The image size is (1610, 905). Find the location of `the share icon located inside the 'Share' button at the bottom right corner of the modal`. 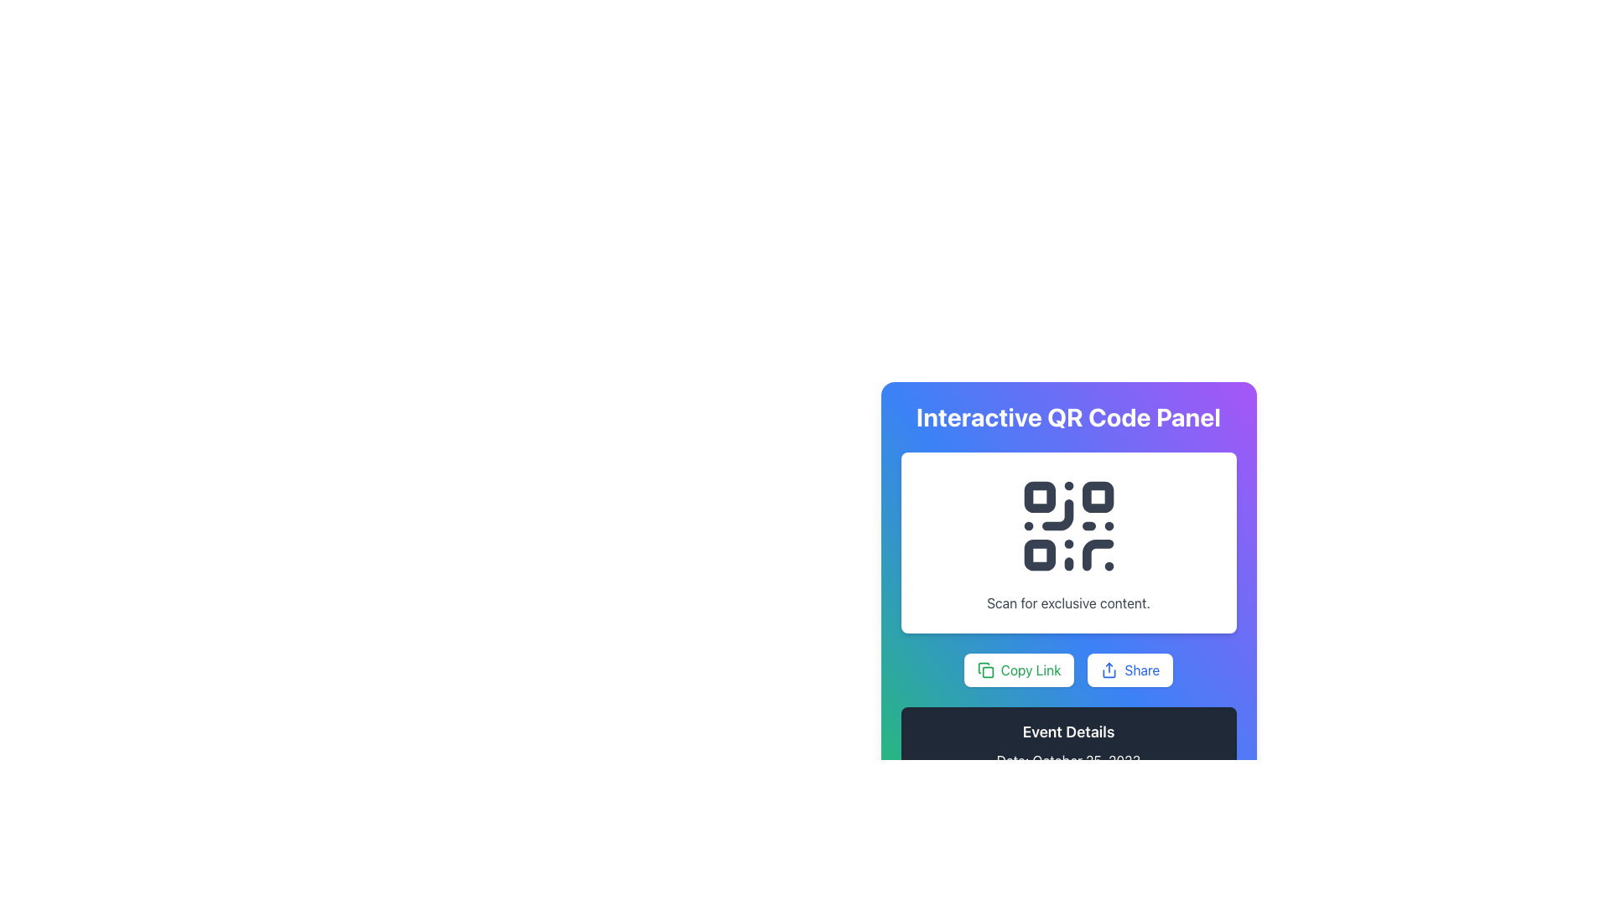

the share icon located inside the 'Share' button at the bottom right corner of the modal is located at coordinates (1109, 669).